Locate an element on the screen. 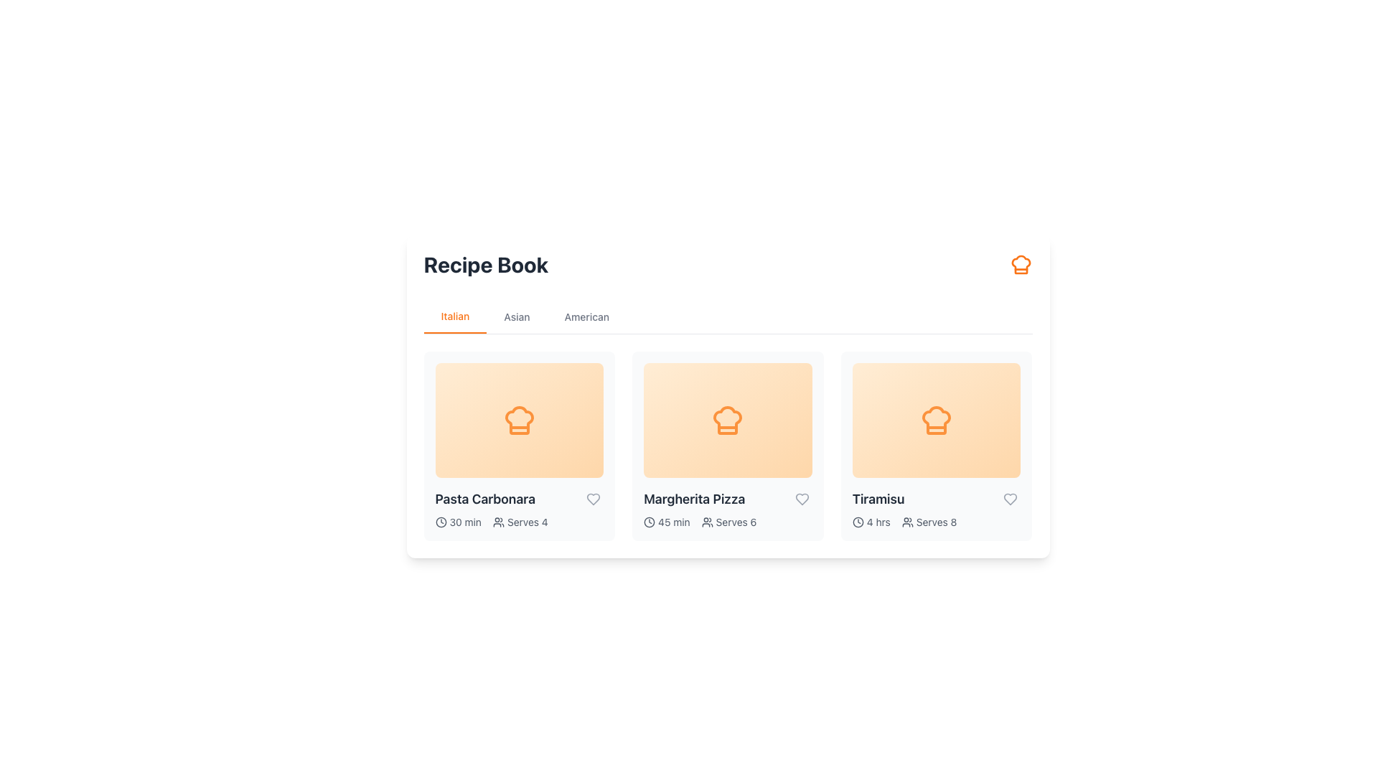 The image size is (1378, 775). the heart SVG icon located within the circular button at the bottom right corner of the 'Tiramisu' recipe card to receive tooltip feedback is located at coordinates (1010, 498).